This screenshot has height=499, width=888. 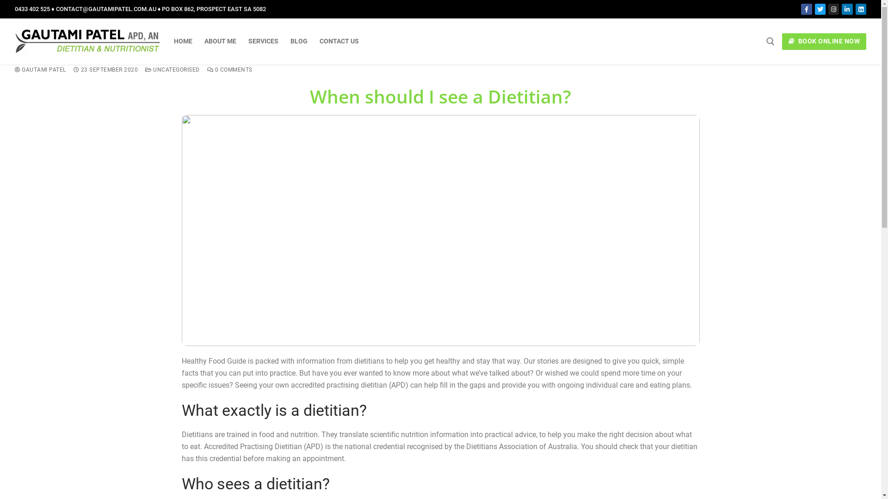 What do you see at coordinates (820, 9) in the screenshot?
I see `'Twitter'` at bounding box center [820, 9].